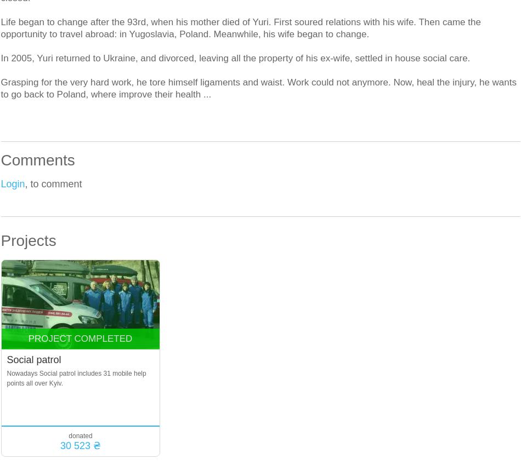 This screenshot has width=521, height=465. What do you see at coordinates (1, 184) in the screenshot?
I see `'Login'` at bounding box center [1, 184].